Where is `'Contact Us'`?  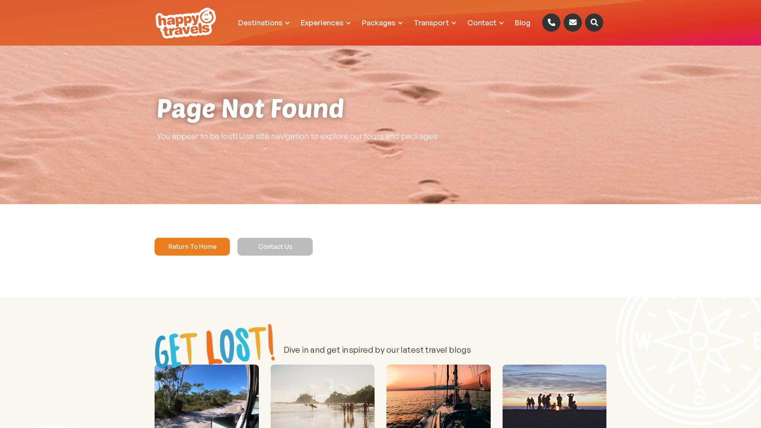
'Contact Us' is located at coordinates (275, 246).